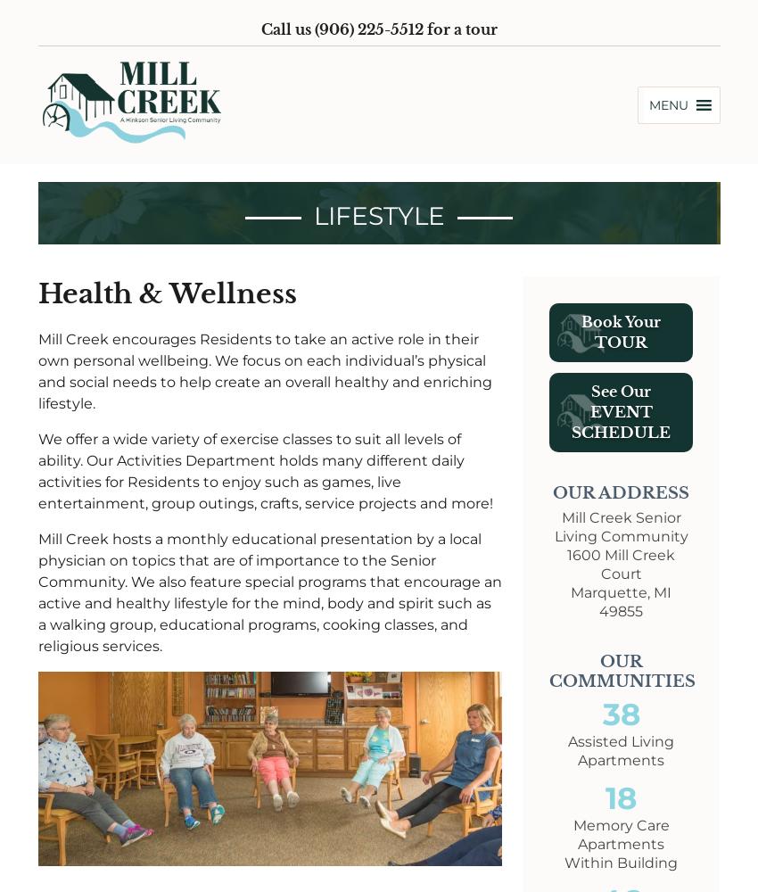  I want to click on 'Mill Creek Senior Living Community', so click(619, 525).